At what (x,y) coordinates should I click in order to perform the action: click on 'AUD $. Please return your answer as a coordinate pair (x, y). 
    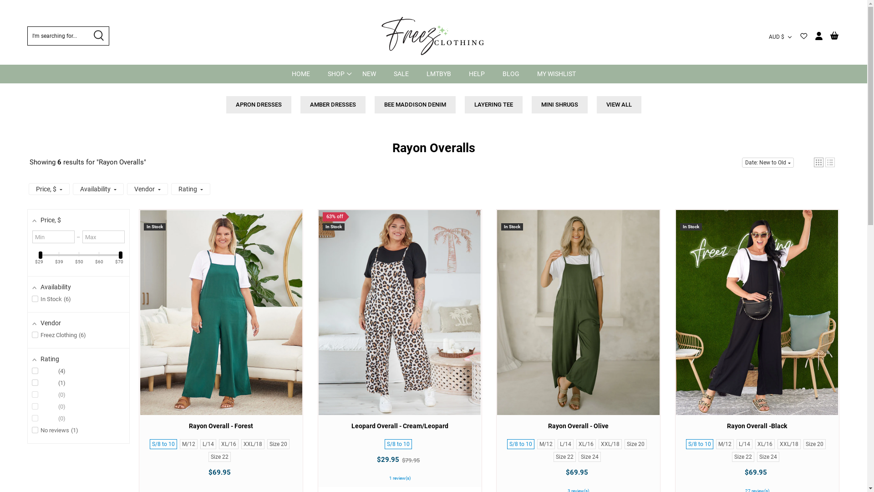
    Looking at the image, I should click on (781, 36).